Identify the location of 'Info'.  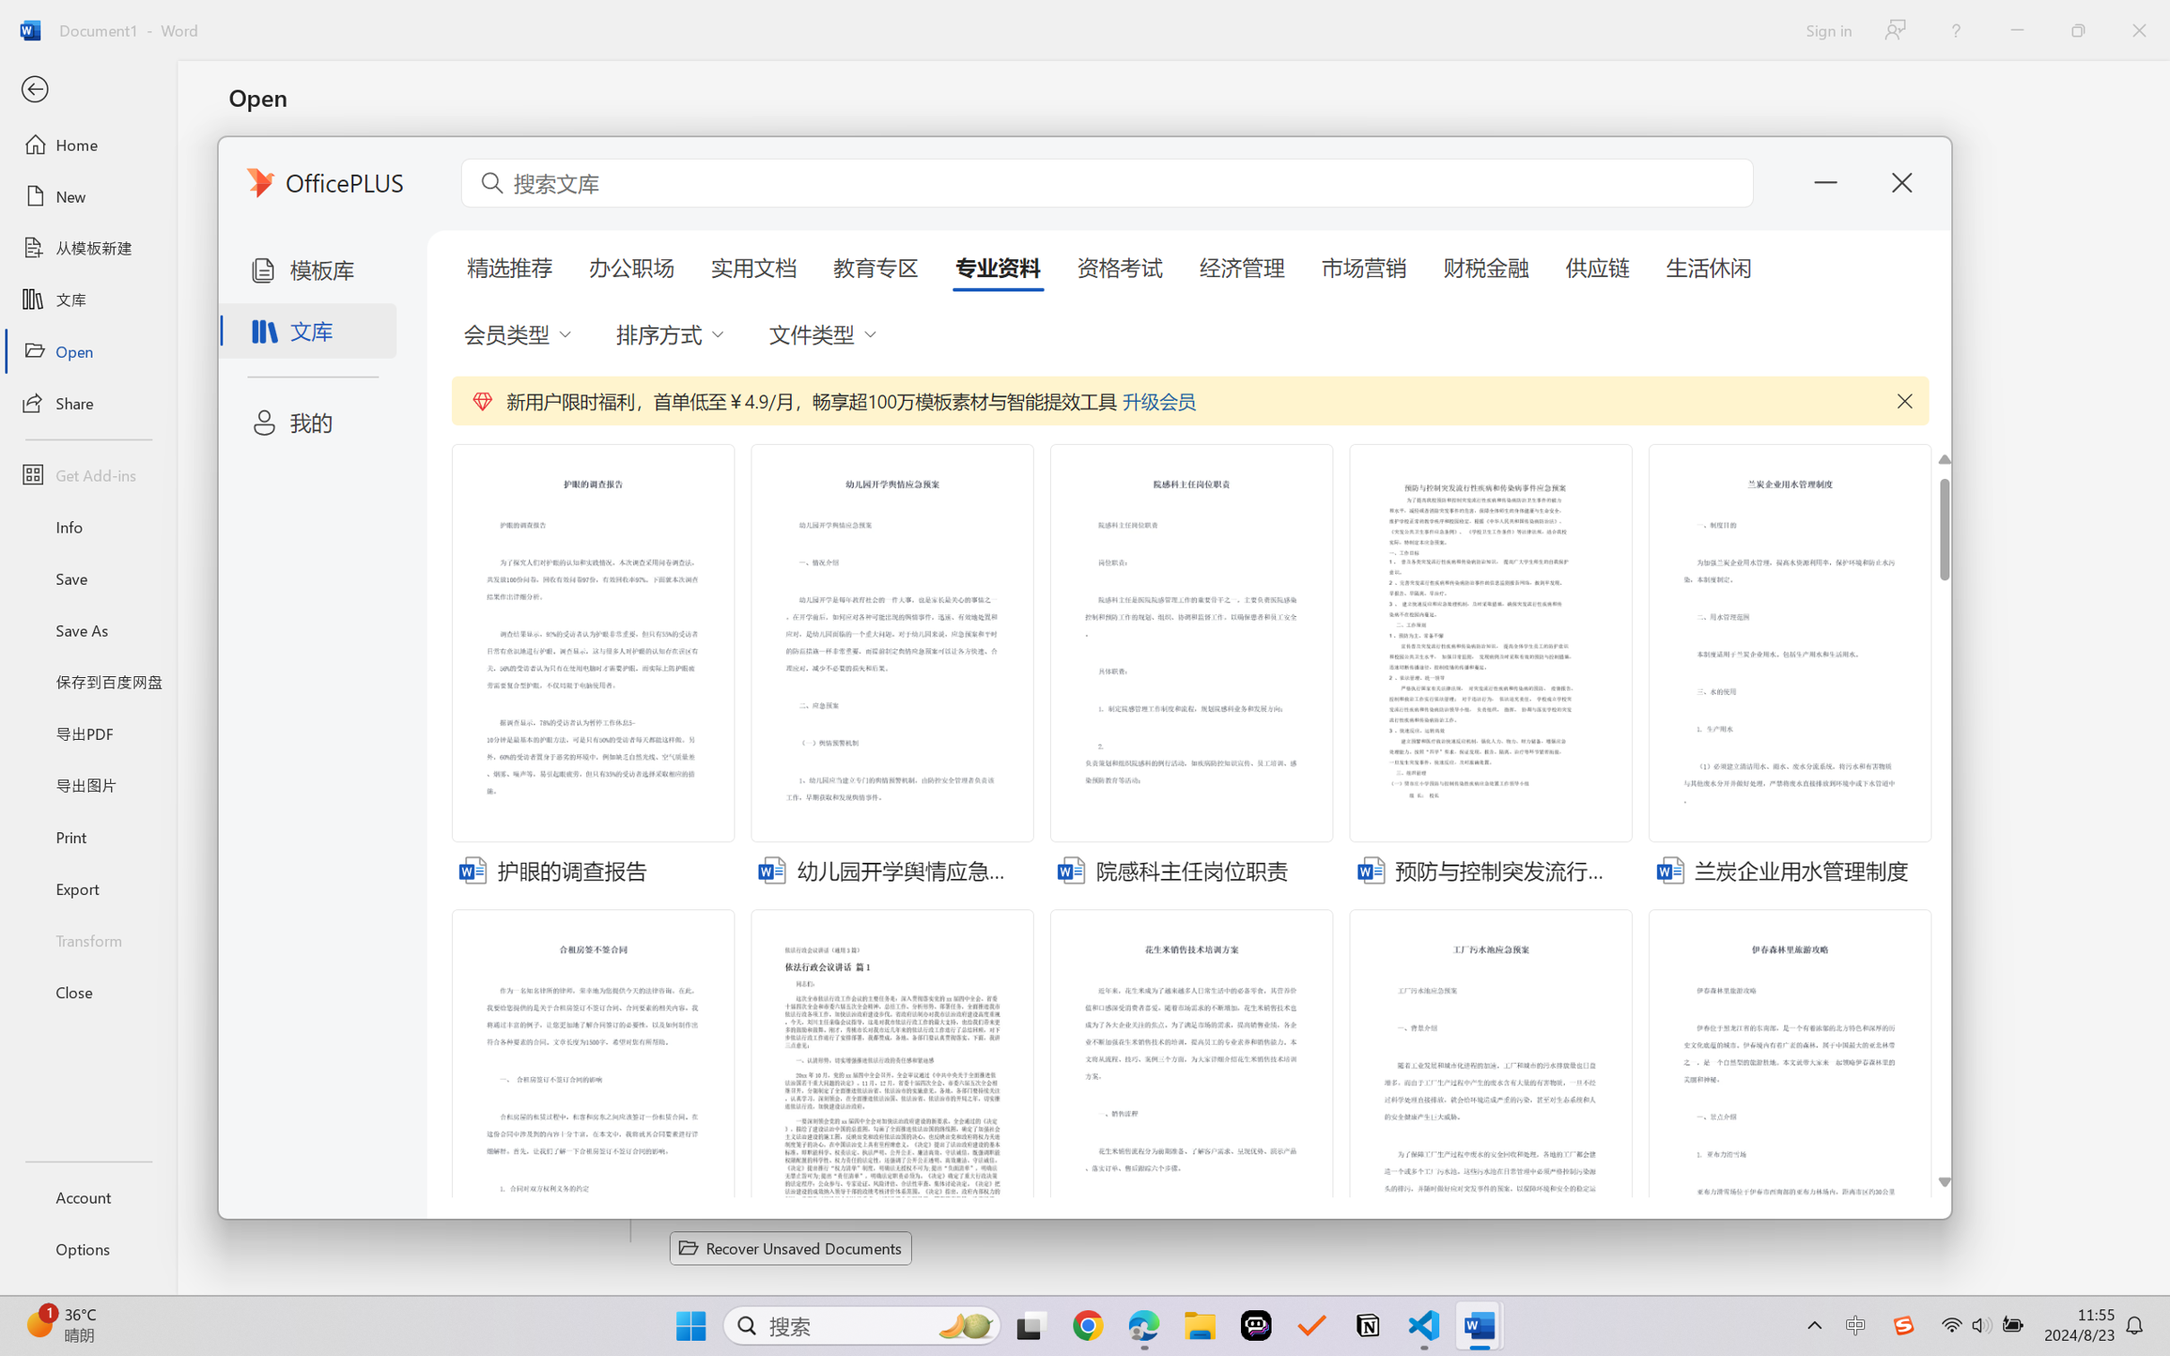
(87, 526).